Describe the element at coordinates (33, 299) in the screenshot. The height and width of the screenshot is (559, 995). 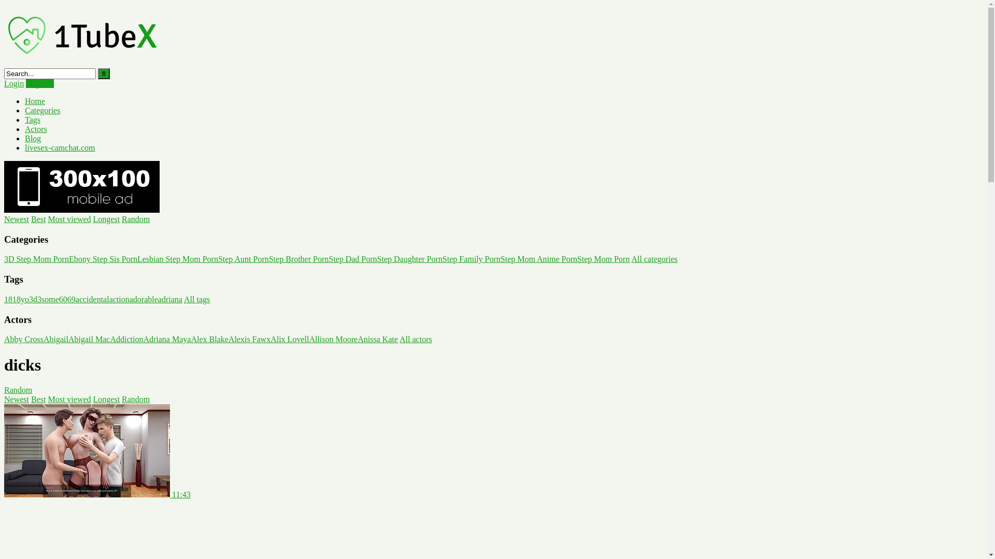
I see `'3d'` at that location.